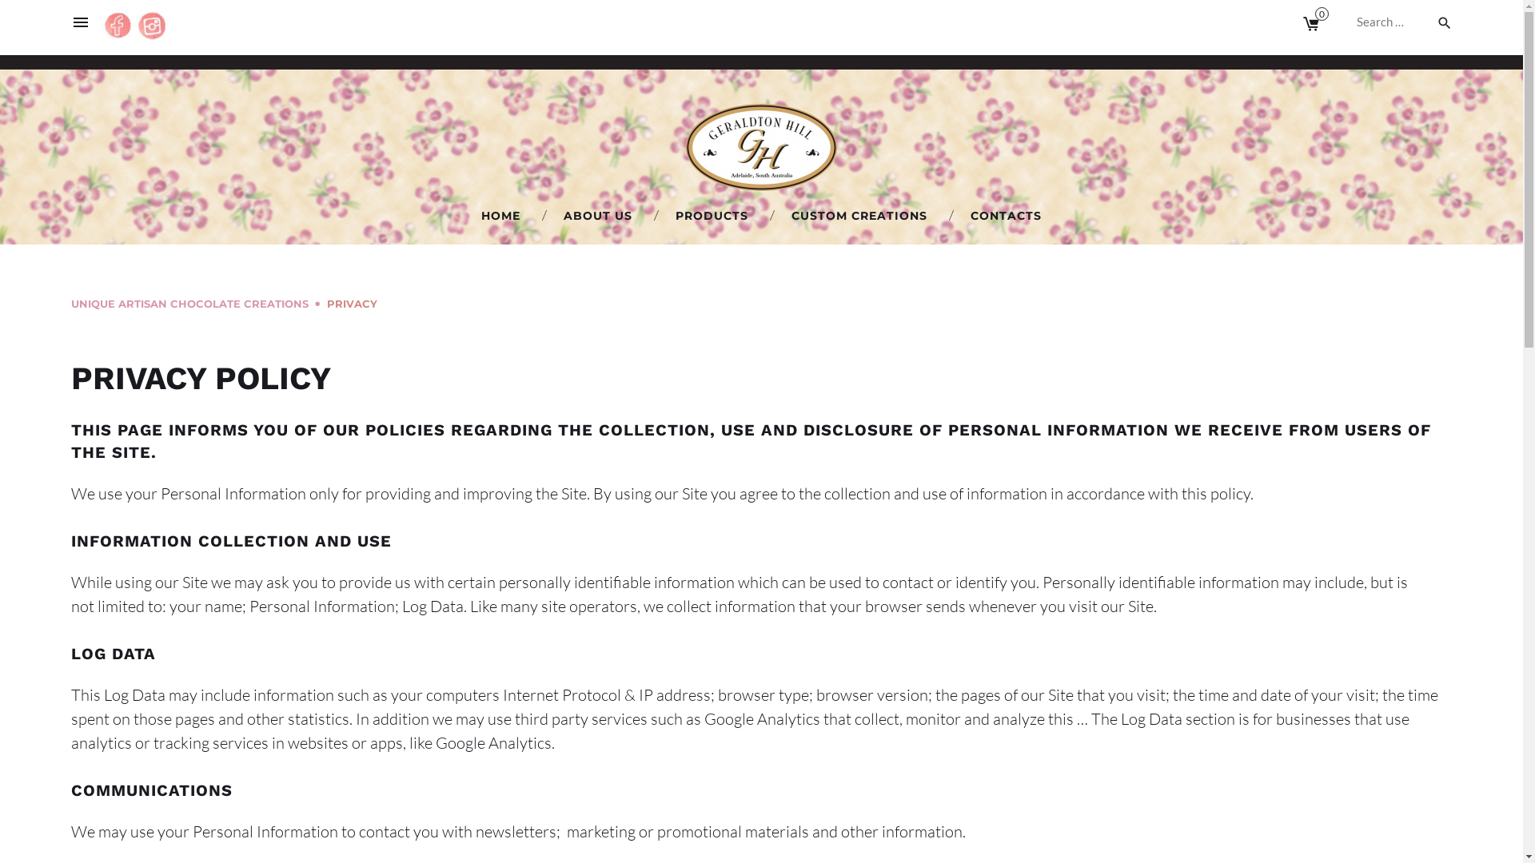 This screenshot has width=1535, height=863. I want to click on 'UNIQUE ARTISAN CHOCOLATE CREATIONS', so click(69, 304).